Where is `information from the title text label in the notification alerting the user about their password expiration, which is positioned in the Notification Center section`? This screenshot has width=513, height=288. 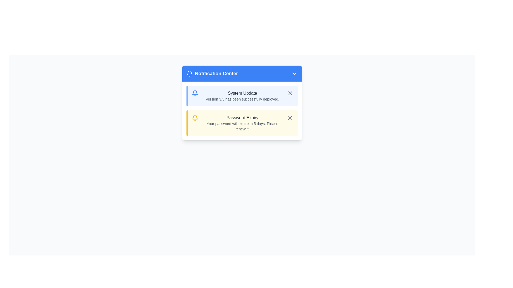
information from the title text label in the notification alerting the user about their password expiration, which is positioned in the Notification Center section is located at coordinates (242, 118).